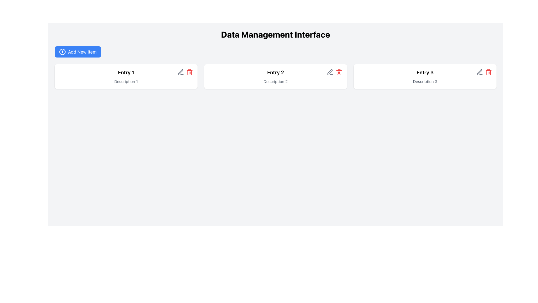  Describe the element at coordinates (77, 52) in the screenshot. I see `the 'Add New Item' button located under the 'Data Management Interface' heading to initiate adding a new item` at that location.